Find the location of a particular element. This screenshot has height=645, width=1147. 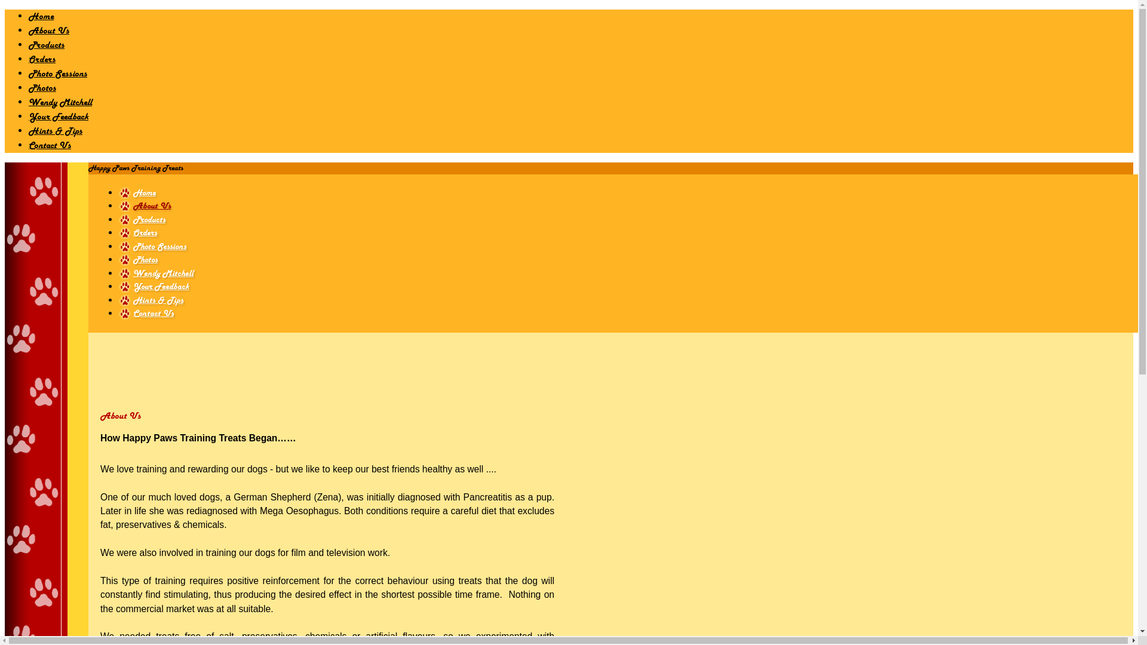

'Wendy Mitchell' is located at coordinates (155, 274).